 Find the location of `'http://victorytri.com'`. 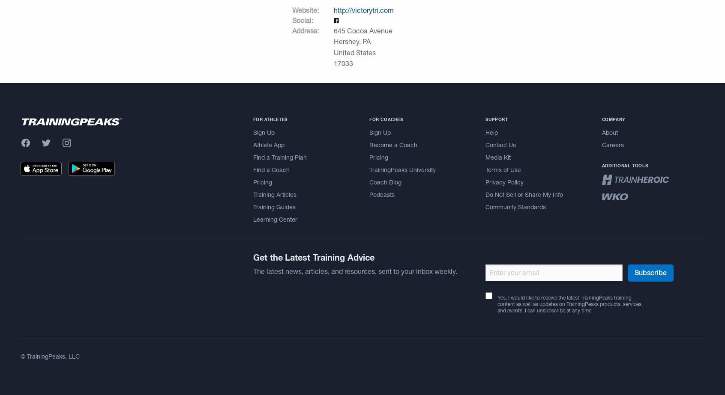

'http://victorytri.com' is located at coordinates (363, 9).